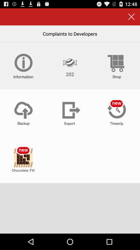 The width and height of the screenshot is (140, 250). What do you see at coordinates (23, 66) in the screenshot?
I see `the icon at the top left corner` at bounding box center [23, 66].